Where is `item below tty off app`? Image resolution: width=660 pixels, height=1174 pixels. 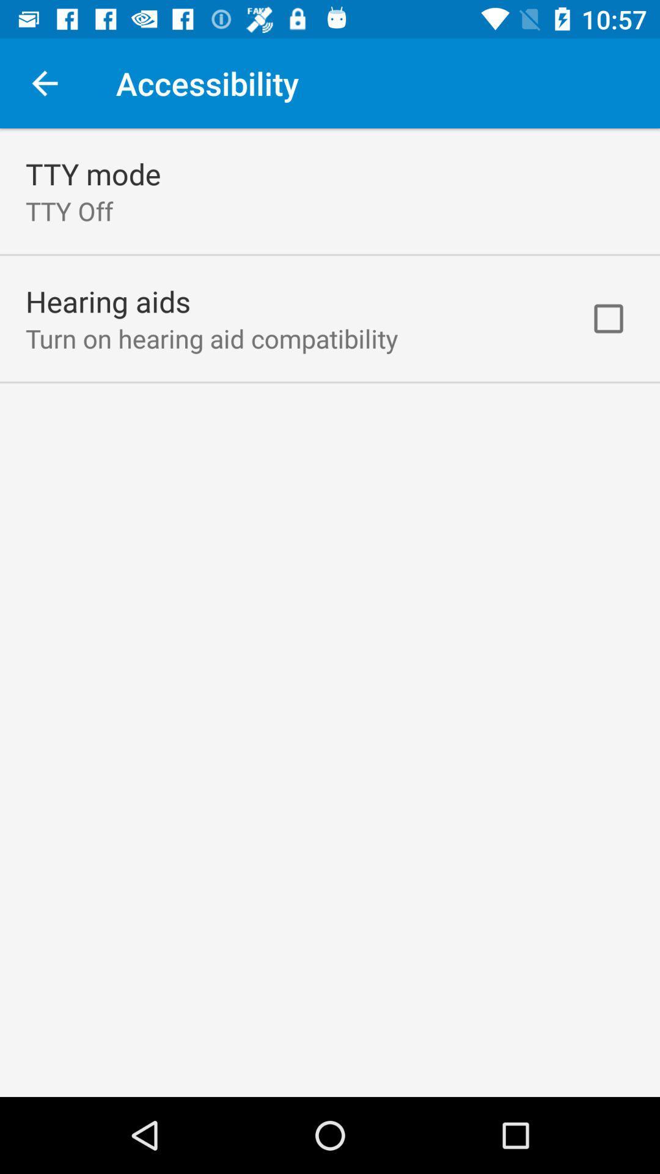
item below tty off app is located at coordinates (108, 301).